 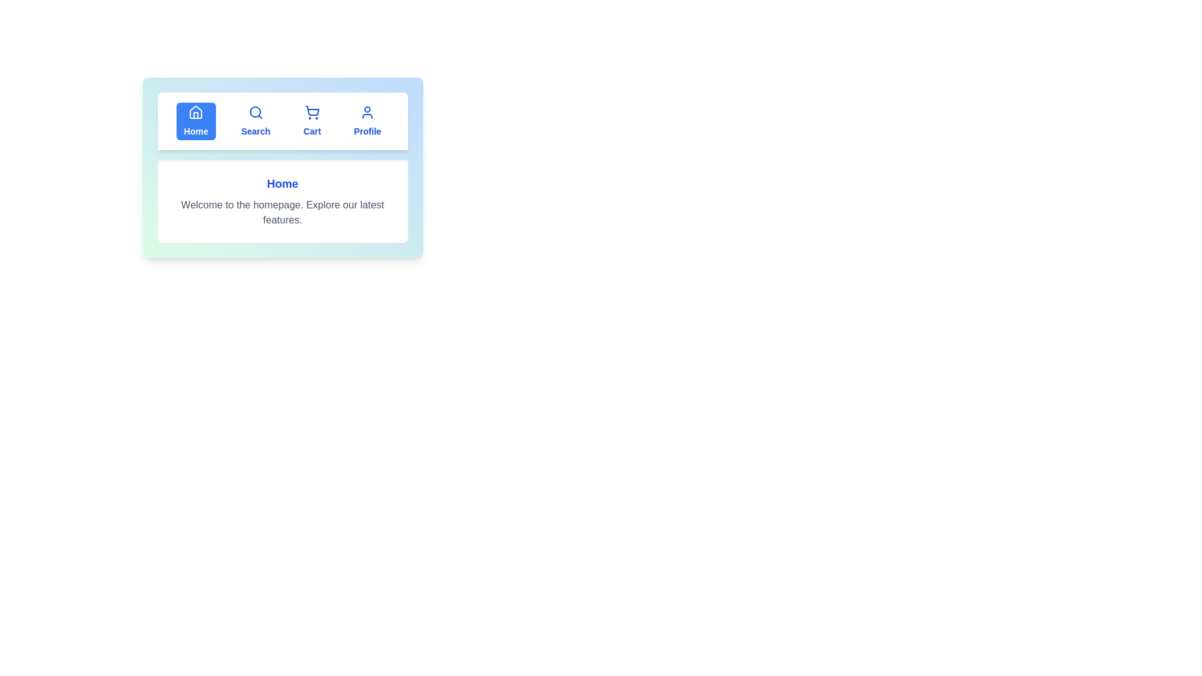 What do you see at coordinates (366, 121) in the screenshot?
I see `the tab Profile to view its content` at bounding box center [366, 121].